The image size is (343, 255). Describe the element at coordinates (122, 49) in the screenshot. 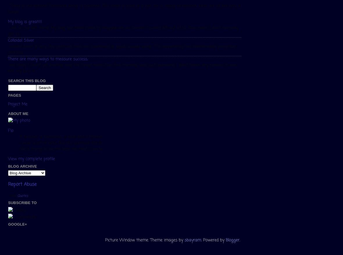

I see `'colloidal silver  is very fine particles that are suspended in liquid, usually water.  This apparently has antimicrobial properties and has ...'` at that location.